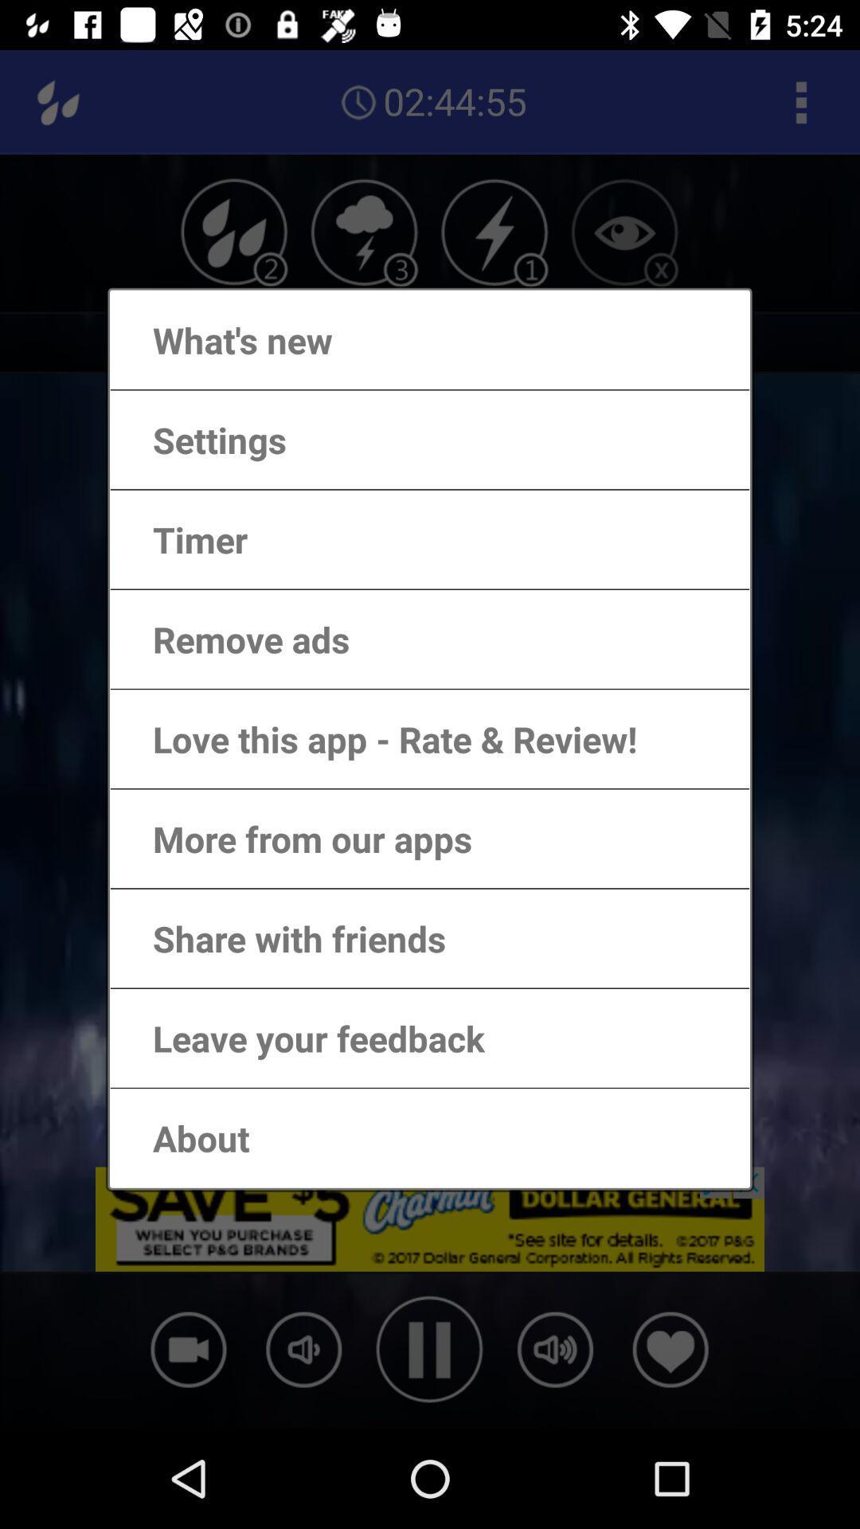  What do you see at coordinates (283, 938) in the screenshot?
I see `the icon above leave your feedback` at bounding box center [283, 938].